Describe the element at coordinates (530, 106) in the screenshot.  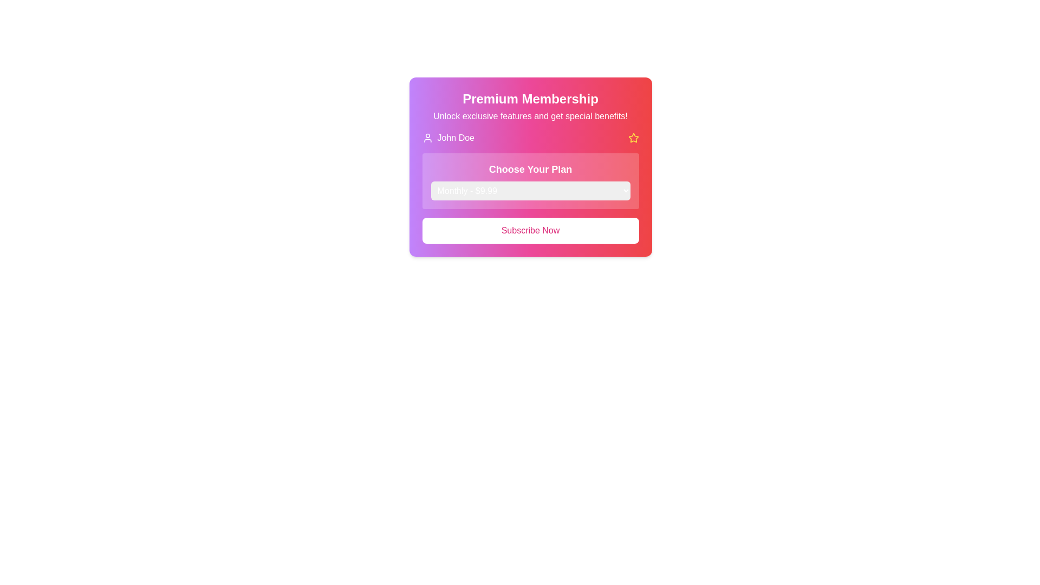
I see `the title and subtitle text block of the membership section, which is positioned above the user's name and other interactive components` at that location.